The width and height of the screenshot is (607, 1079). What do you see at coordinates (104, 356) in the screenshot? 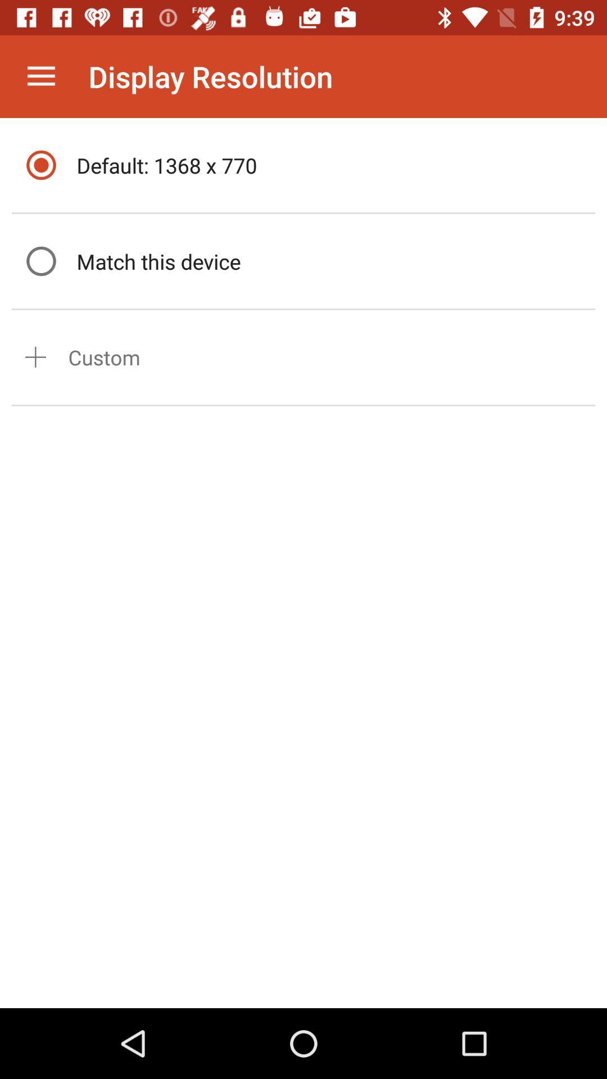
I see `the custom item` at bounding box center [104, 356].